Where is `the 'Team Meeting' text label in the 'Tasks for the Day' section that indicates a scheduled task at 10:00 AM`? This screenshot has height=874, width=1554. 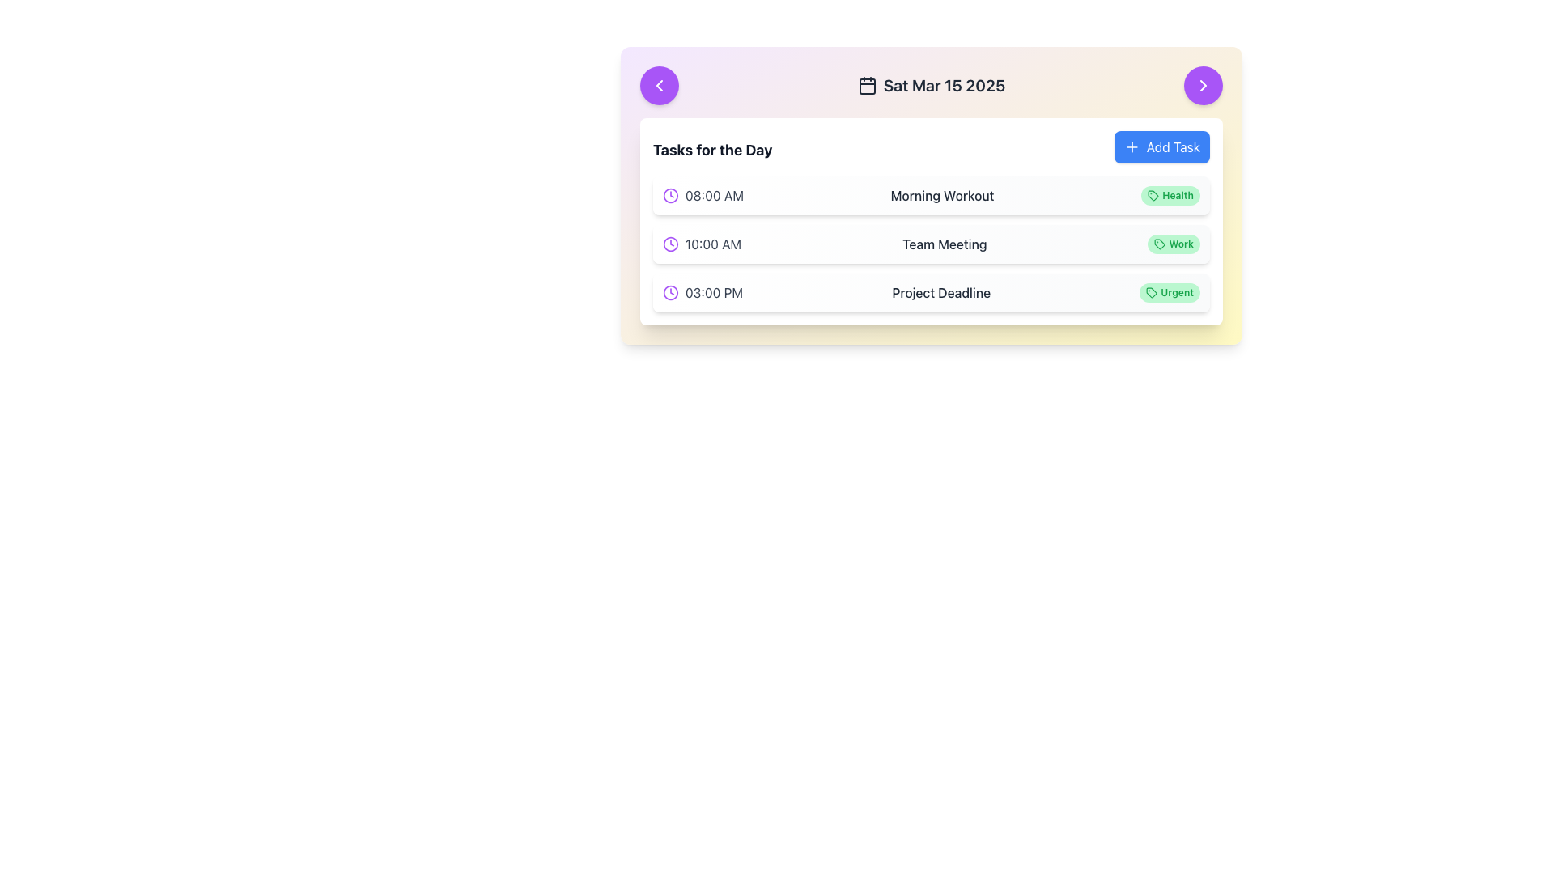
the 'Team Meeting' text label in the 'Tasks for the Day' section that indicates a scheduled task at 10:00 AM is located at coordinates (945, 244).